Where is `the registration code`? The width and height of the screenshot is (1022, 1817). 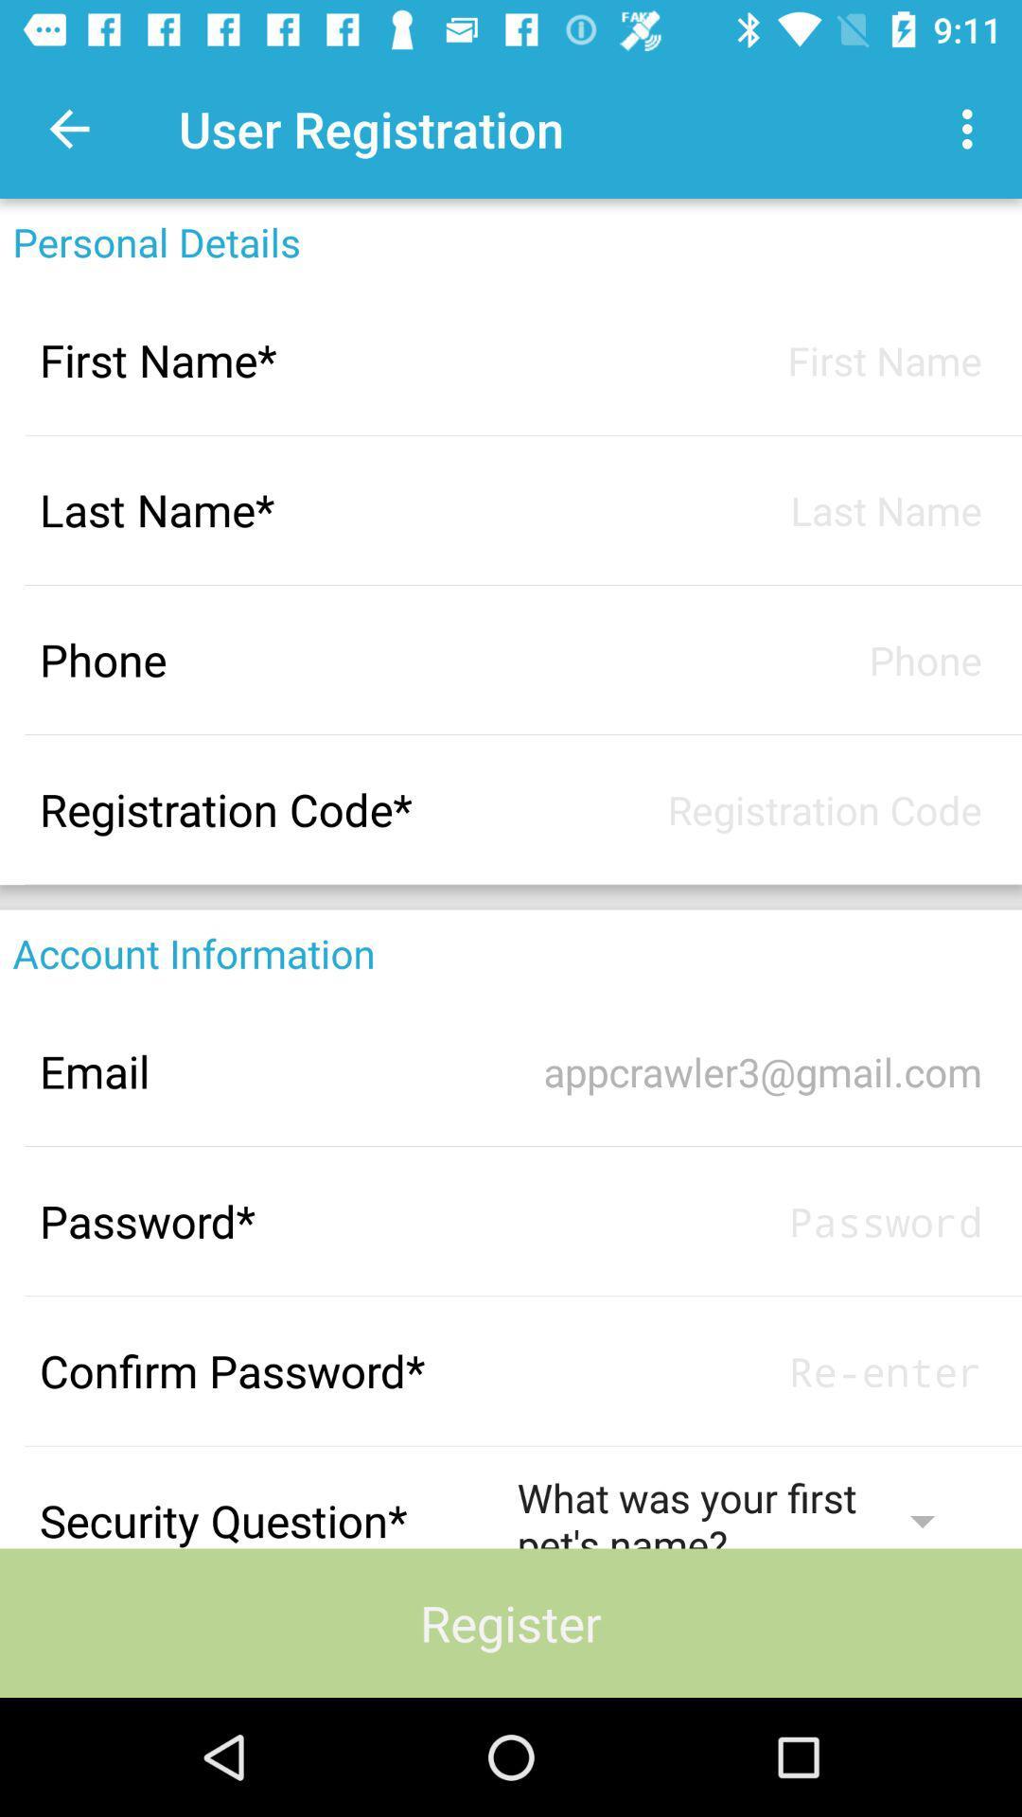
the registration code is located at coordinates (749, 809).